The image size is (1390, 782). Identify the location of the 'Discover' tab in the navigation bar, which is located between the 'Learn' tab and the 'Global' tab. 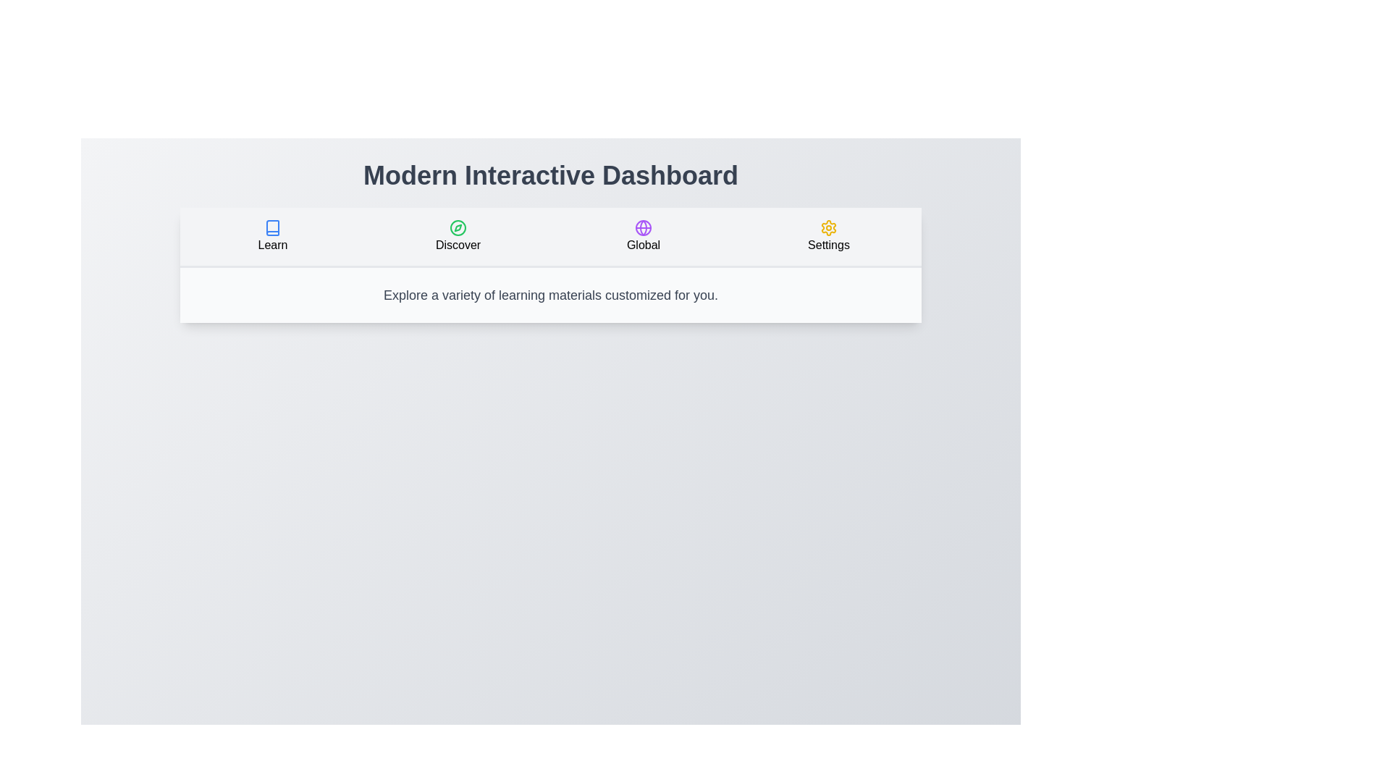
(458, 236).